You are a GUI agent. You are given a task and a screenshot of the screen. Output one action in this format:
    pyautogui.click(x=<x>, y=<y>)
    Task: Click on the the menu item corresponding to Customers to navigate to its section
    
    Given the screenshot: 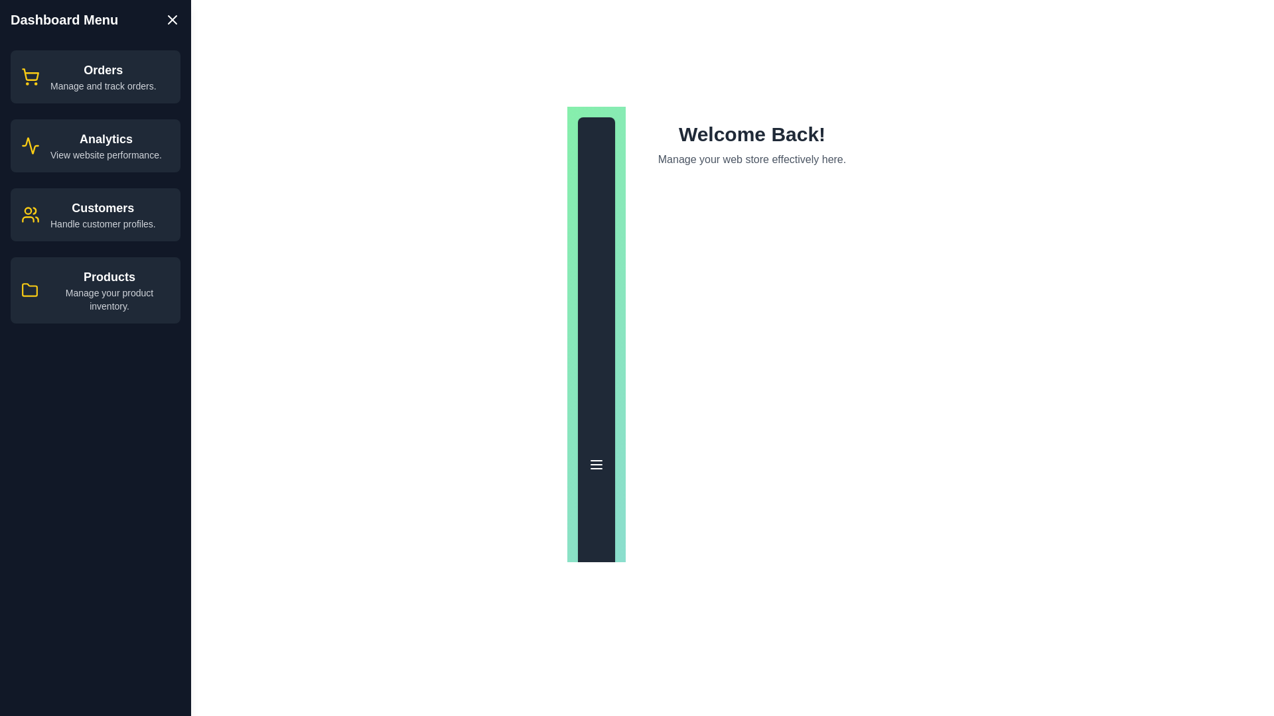 What is the action you would take?
    pyautogui.click(x=95, y=214)
    